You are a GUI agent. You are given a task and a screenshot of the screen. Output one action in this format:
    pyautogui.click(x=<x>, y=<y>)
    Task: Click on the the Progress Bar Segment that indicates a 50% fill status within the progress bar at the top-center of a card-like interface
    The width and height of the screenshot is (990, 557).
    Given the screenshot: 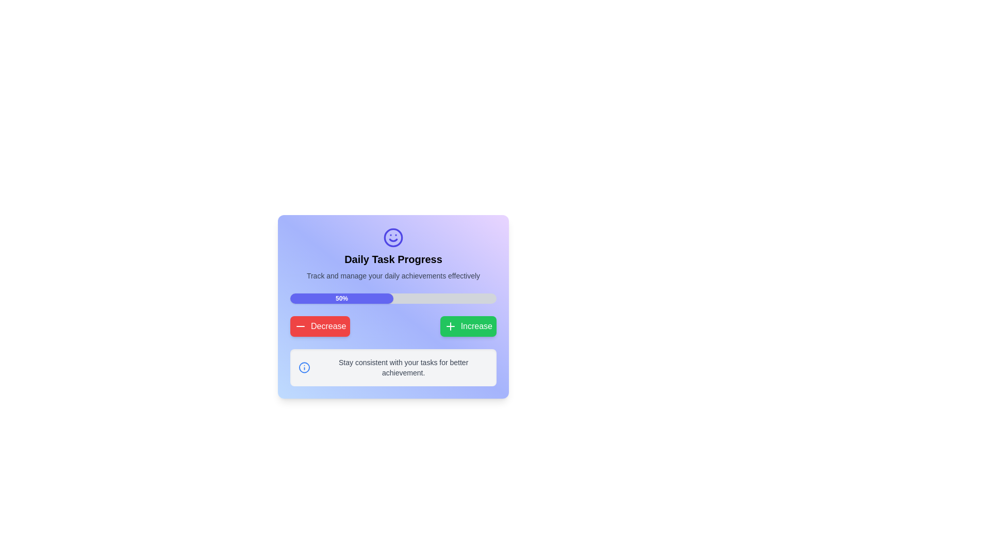 What is the action you would take?
    pyautogui.click(x=341, y=298)
    